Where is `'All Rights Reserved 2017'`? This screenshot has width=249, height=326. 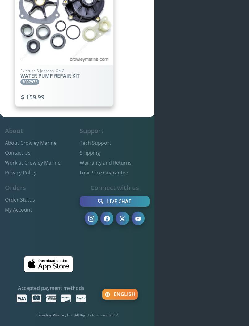
'All Rights Reserved 2017' is located at coordinates (96, 315).